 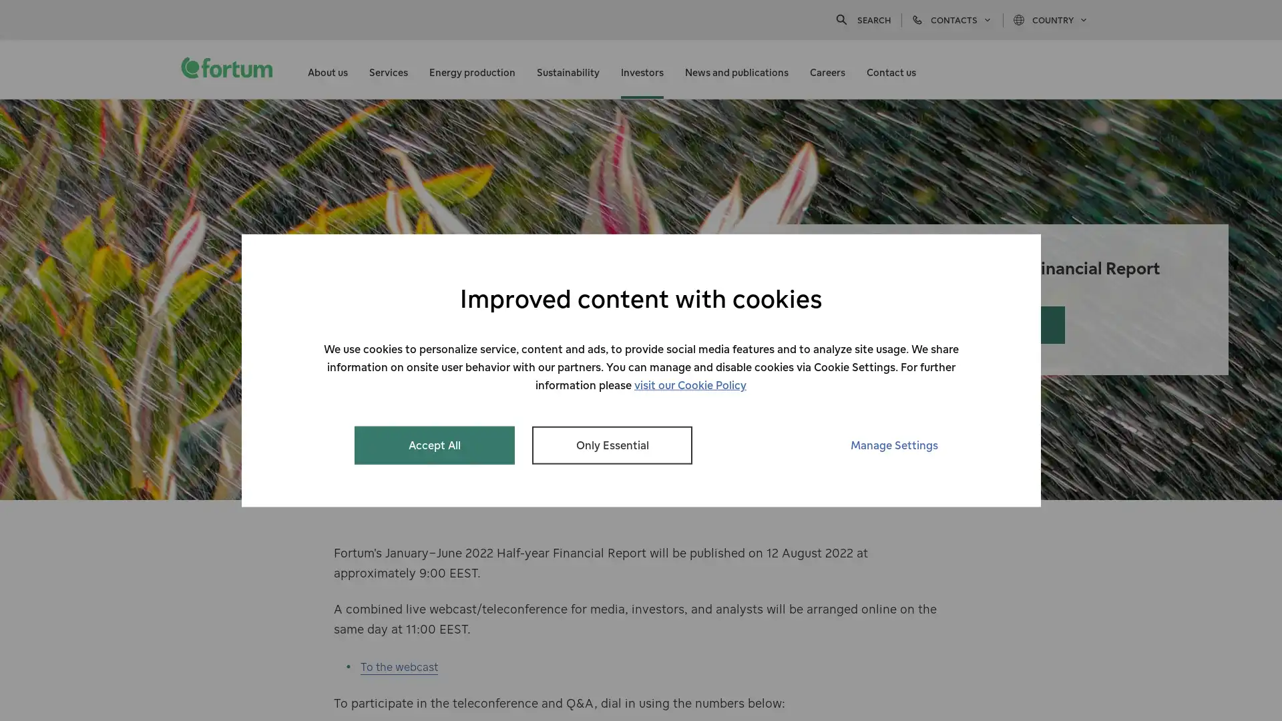 I want to click on COUNTRY, so click(x=1050, y=19).